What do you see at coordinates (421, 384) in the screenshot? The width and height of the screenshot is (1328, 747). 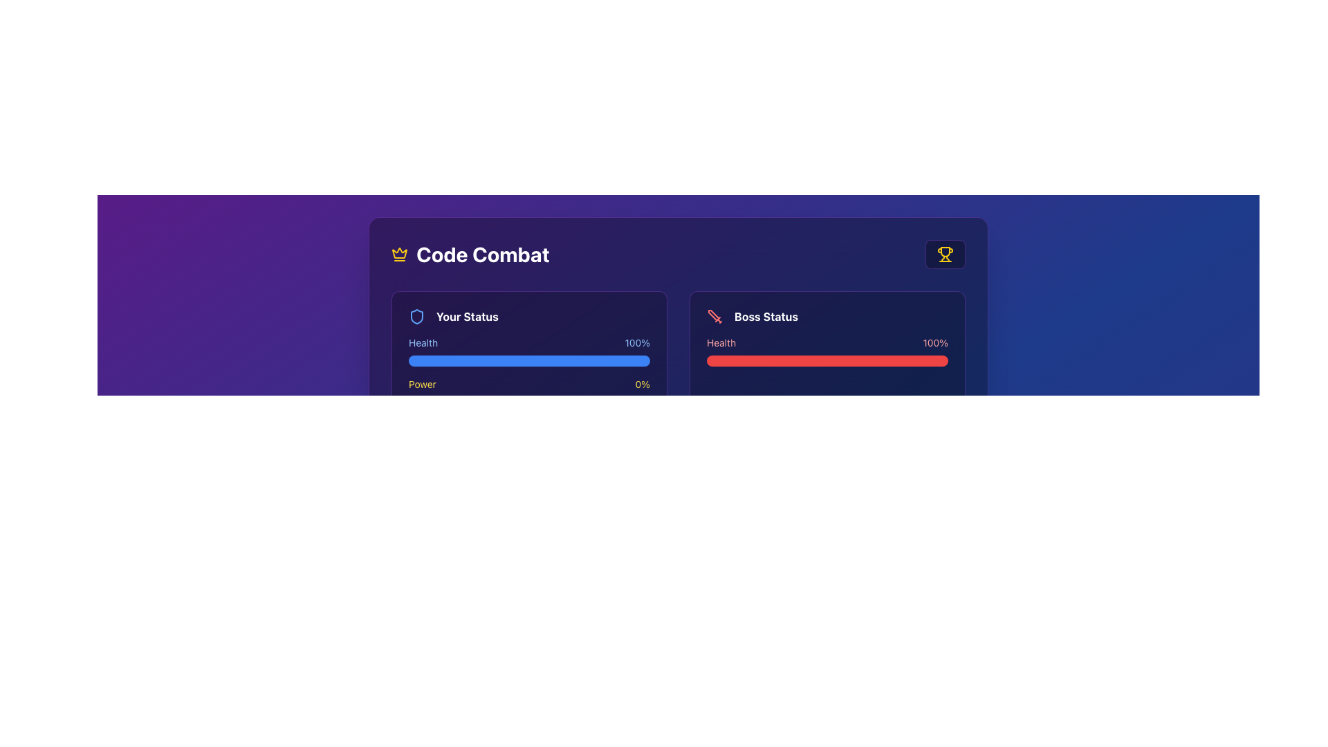 I see `the 'Power' label, which displays the word 'Power' in a bold yellow font on a dark blue background, located in the 'Your Status' section to the left of the interface` at bounding box center [421, 384].